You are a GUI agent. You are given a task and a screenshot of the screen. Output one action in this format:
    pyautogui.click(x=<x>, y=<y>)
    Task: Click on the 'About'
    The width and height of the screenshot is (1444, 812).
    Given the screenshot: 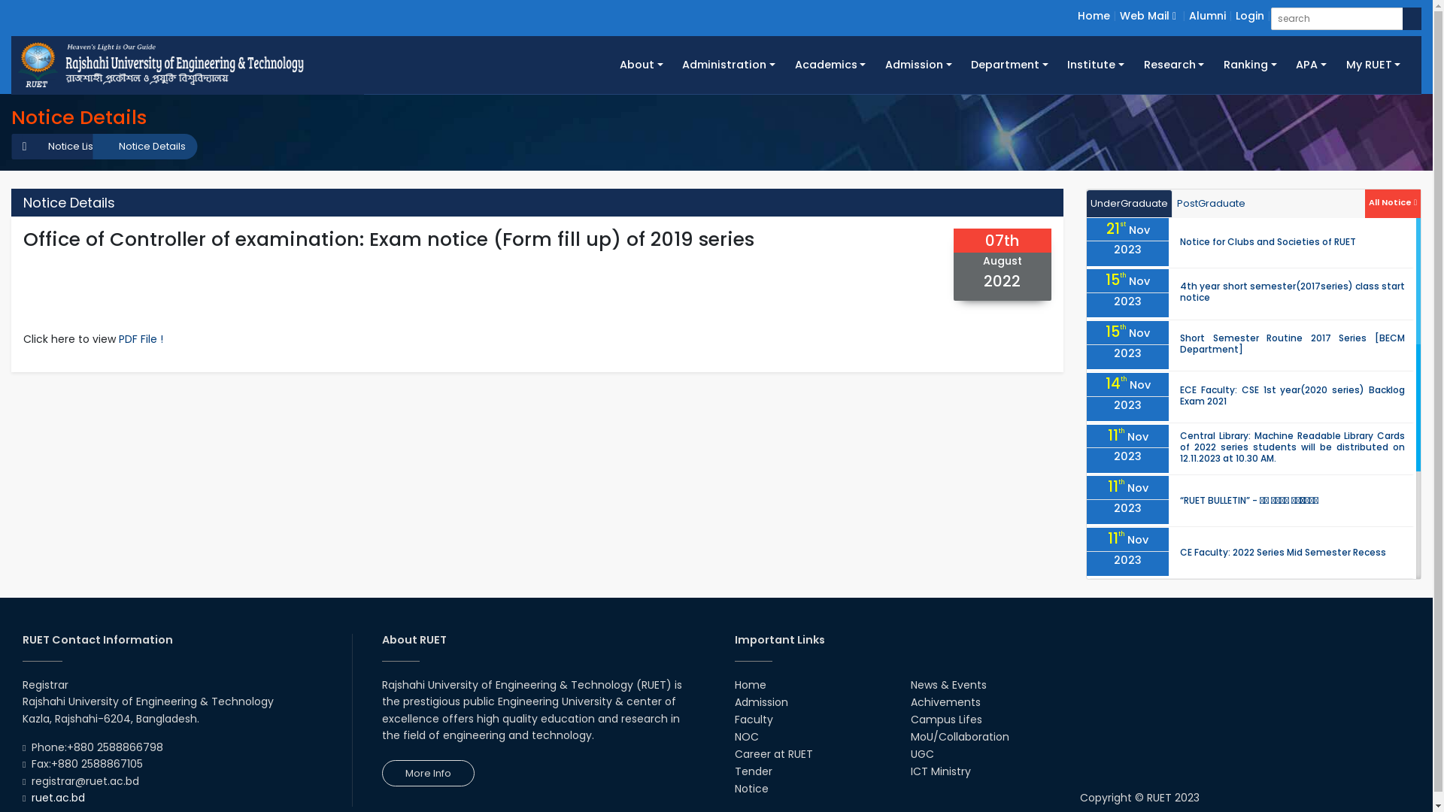 What is the action you would take?
    pyautogui.click(x=641, y=64)
    